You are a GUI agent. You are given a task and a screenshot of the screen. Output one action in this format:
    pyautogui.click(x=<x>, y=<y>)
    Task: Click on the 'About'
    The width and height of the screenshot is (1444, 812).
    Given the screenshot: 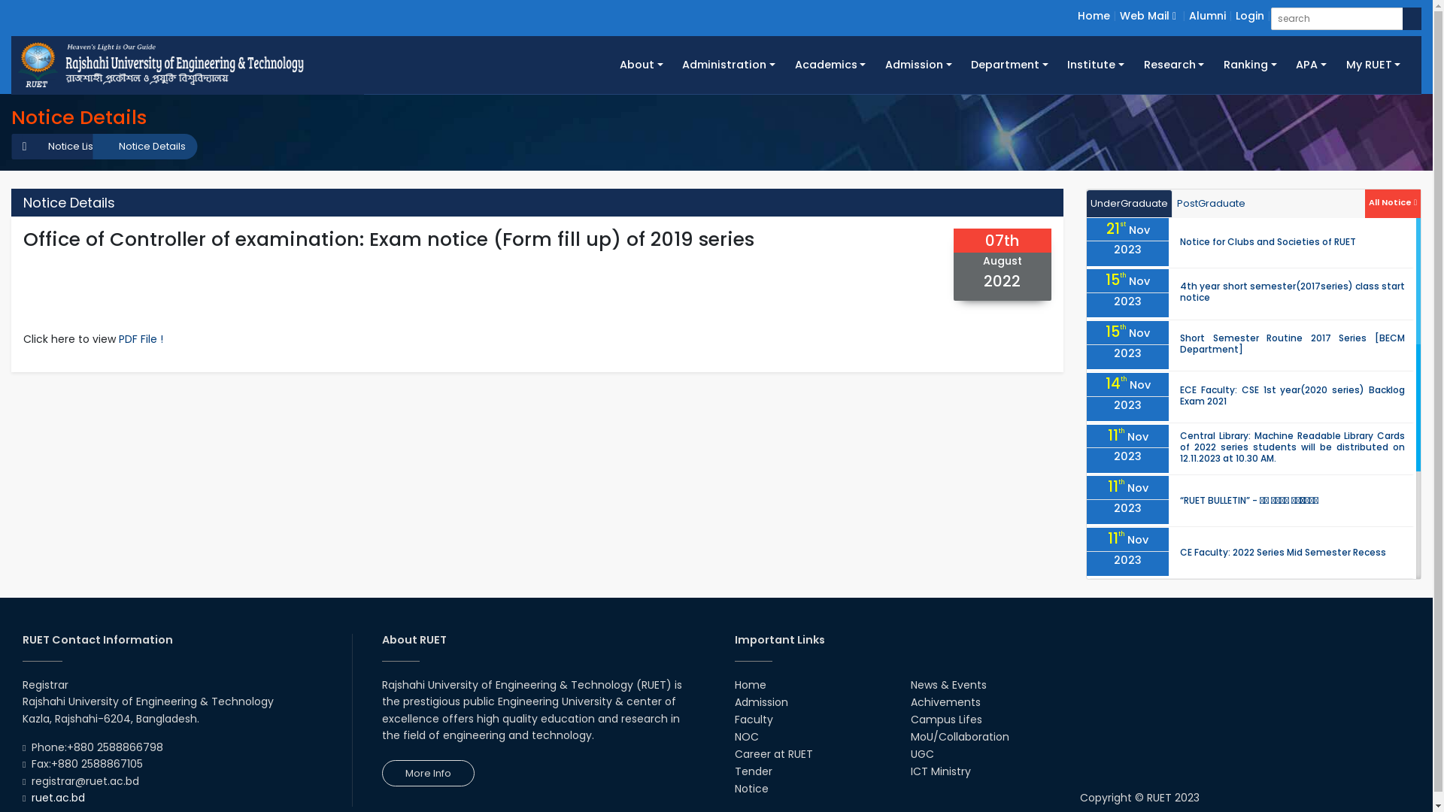 What is the action you would take?
    pyautogui.click(x=641, y=64)
    